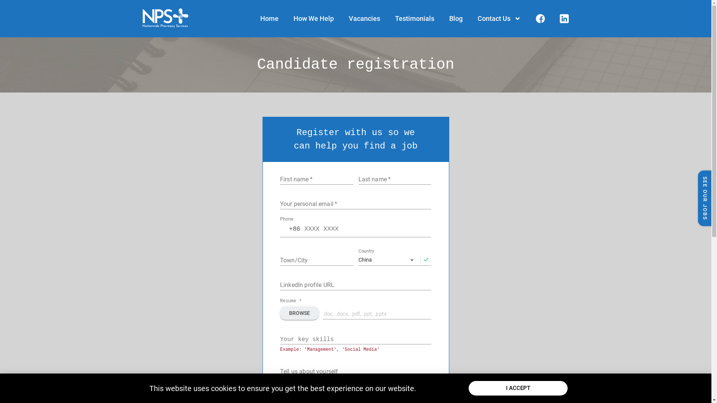 This screenshot has width=717, height=403. Describe the element at coordinates (314, 18) in the screenshot. I see `'How We Help'` at that location.